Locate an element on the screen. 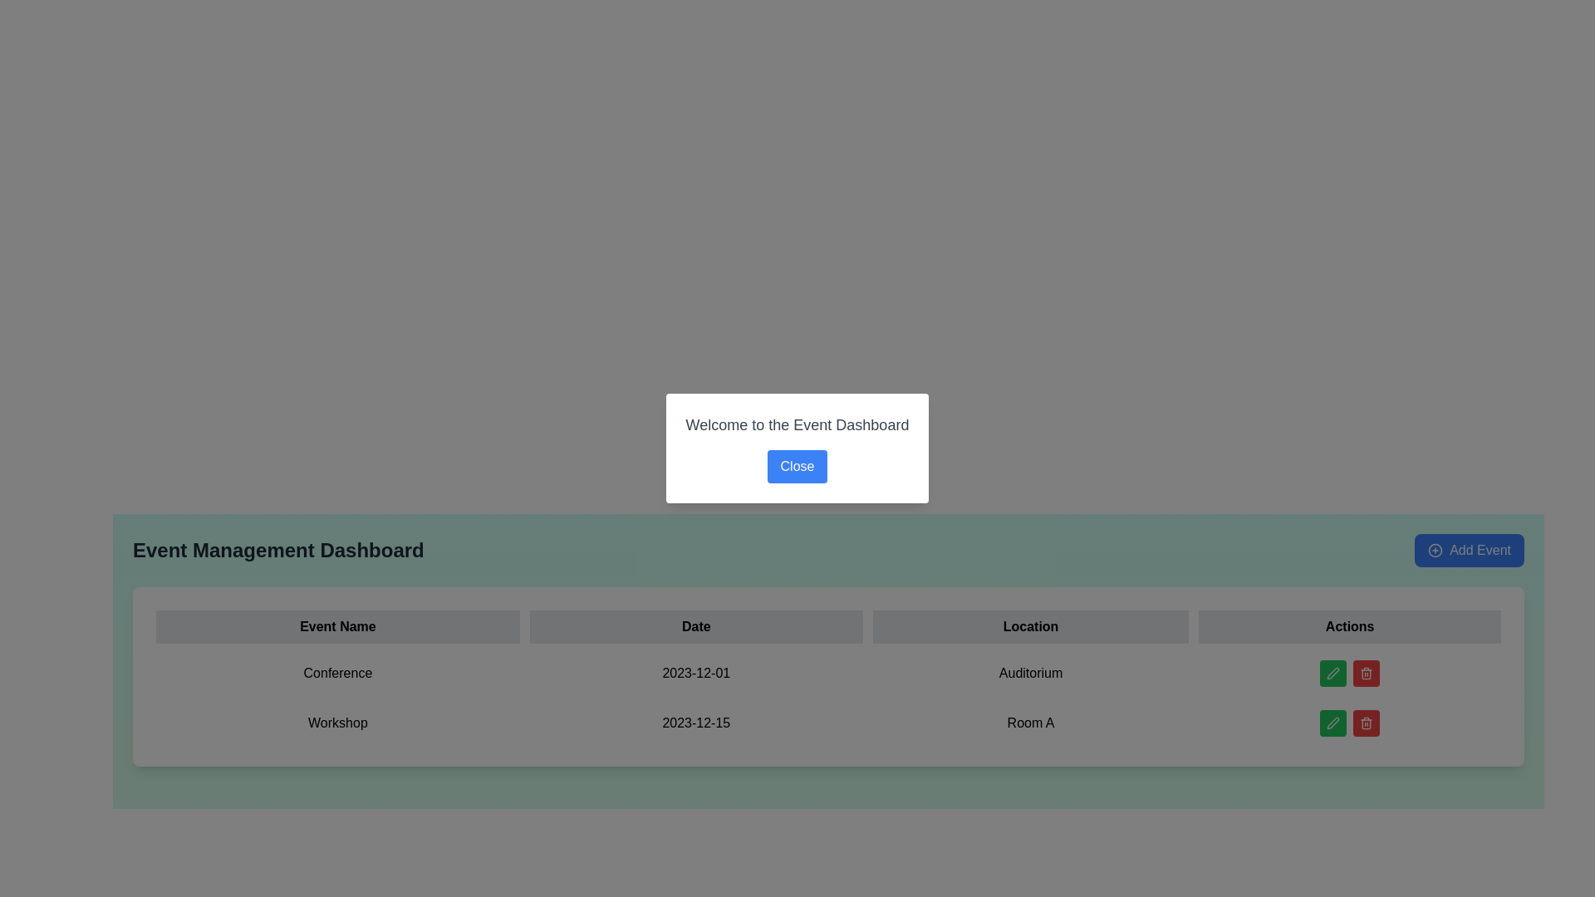 The height and width of the screenshot is (897, 1595). the blue rectangular button labeled 'Close' with rounded edges, located at the bottom of the white modal dialog box is located at coordinates (797, 467).